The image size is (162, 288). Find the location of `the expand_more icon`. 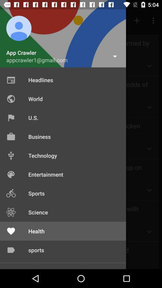

the expand_more icon is located at coordinates (149, 66).